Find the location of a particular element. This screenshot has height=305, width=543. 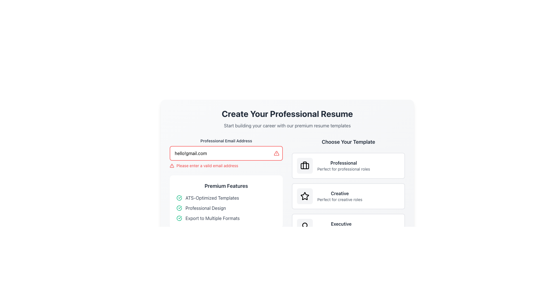

the 'Professional' template icon located in the upper-left of the 'Choose Your Template' section is located at coordinates (305, 165).